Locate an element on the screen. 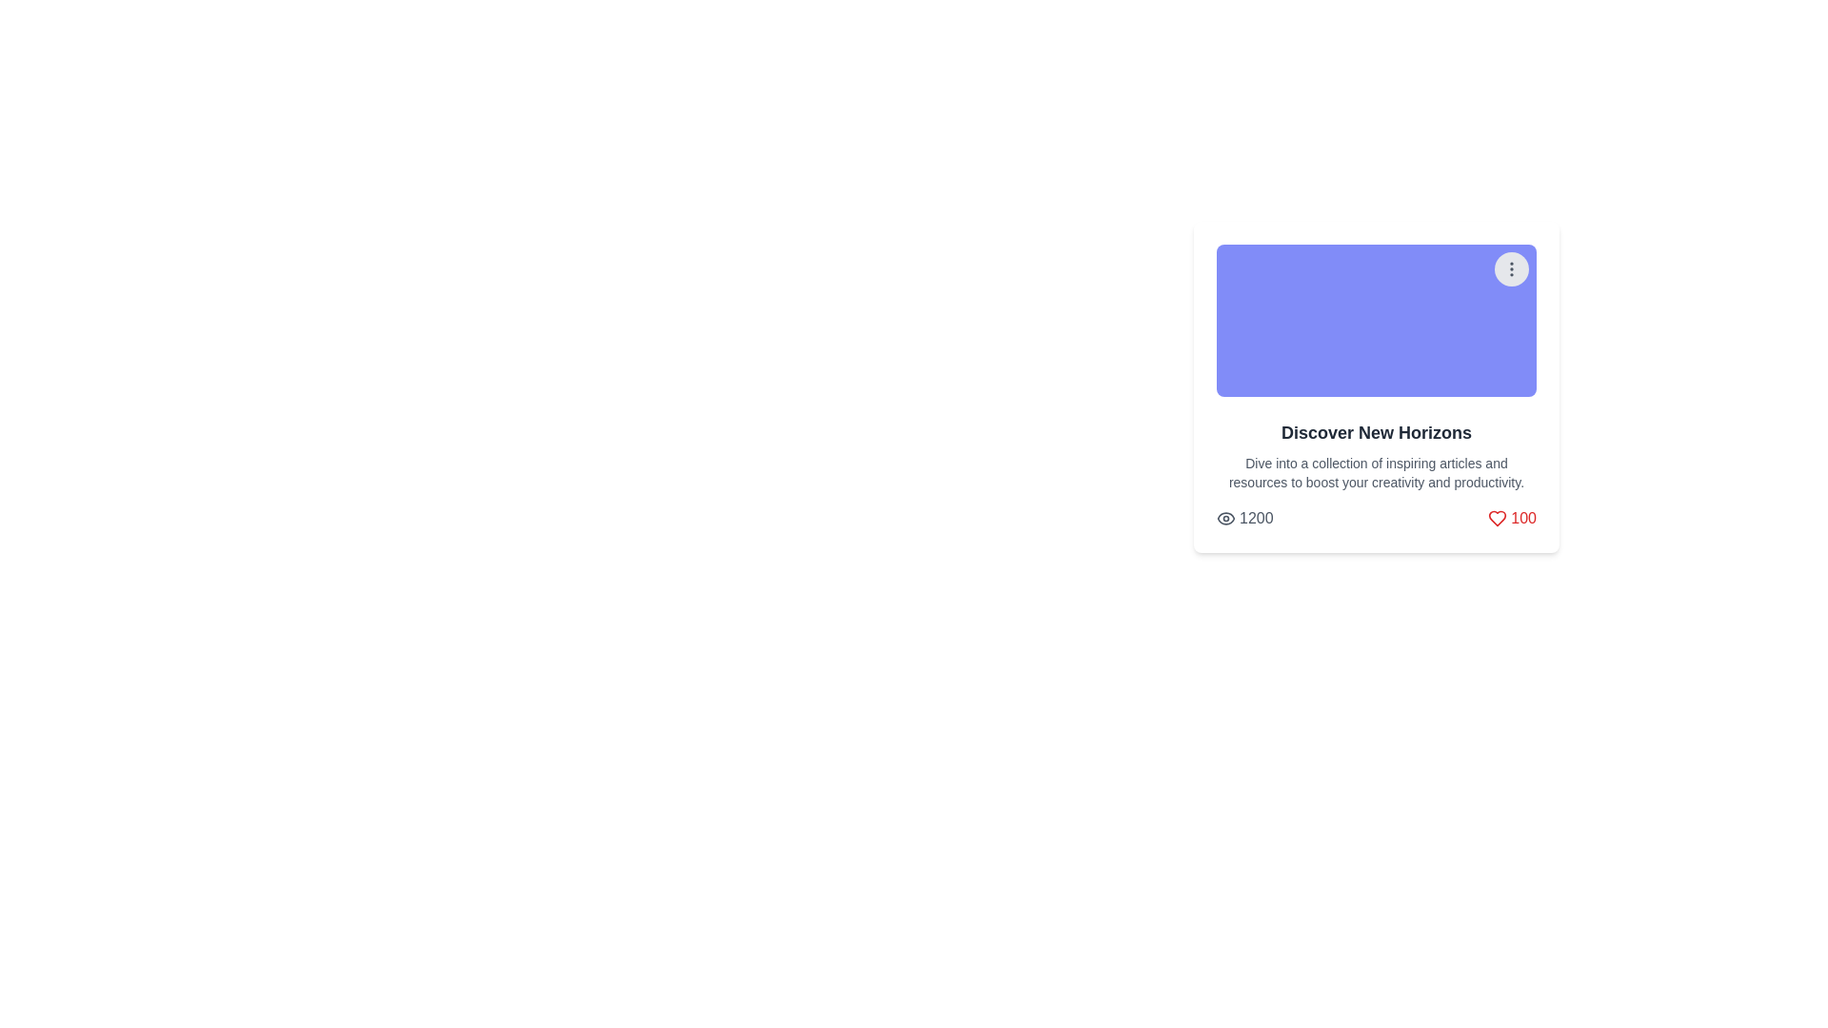 The image size is (1828, 1028). the circular button with a light gray background and three dark gray dots, located at the top-right corner of a blue rectangular image is located at coordinates (1511, 268).